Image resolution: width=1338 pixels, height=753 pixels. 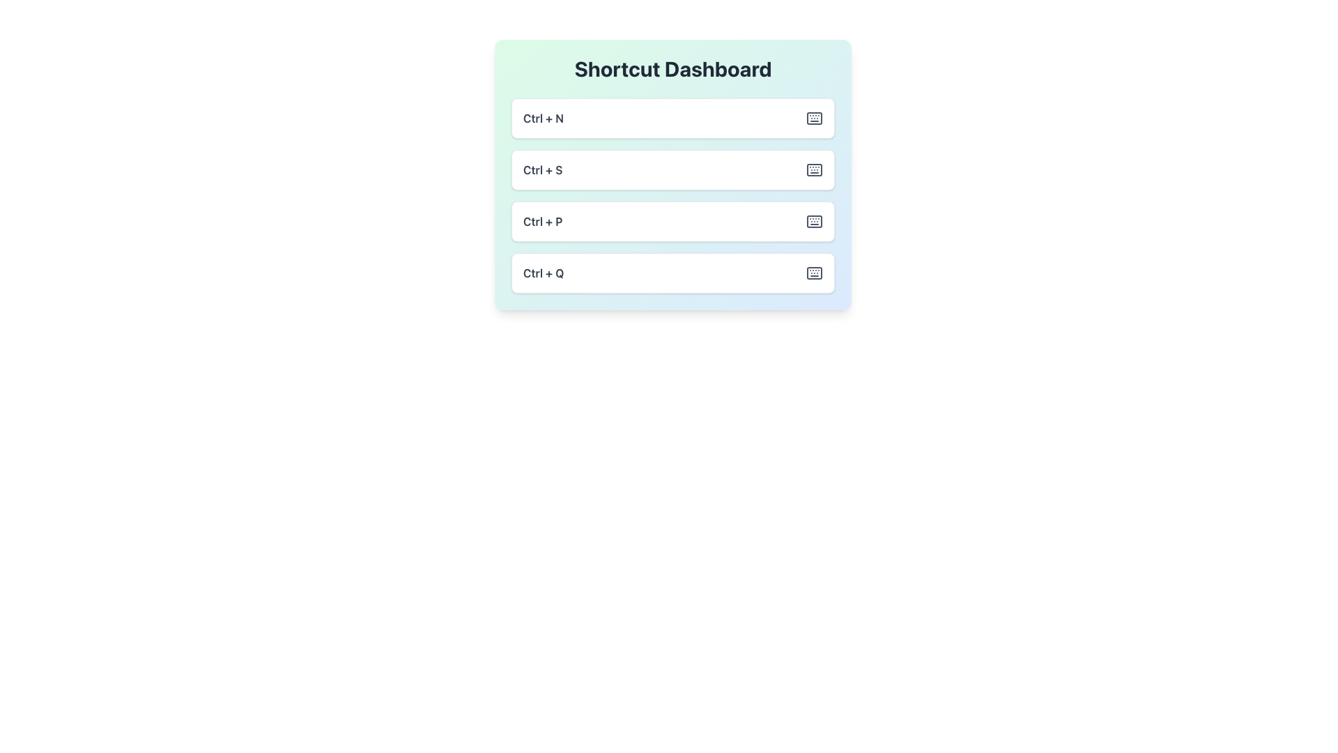 What do you see at coordinates (815, 117) in the screenshot?
I see `the icon located to the right of the 'Ctrl + N' shortcut in the Shortcut Dashboard` at bounding box center [815, 117].